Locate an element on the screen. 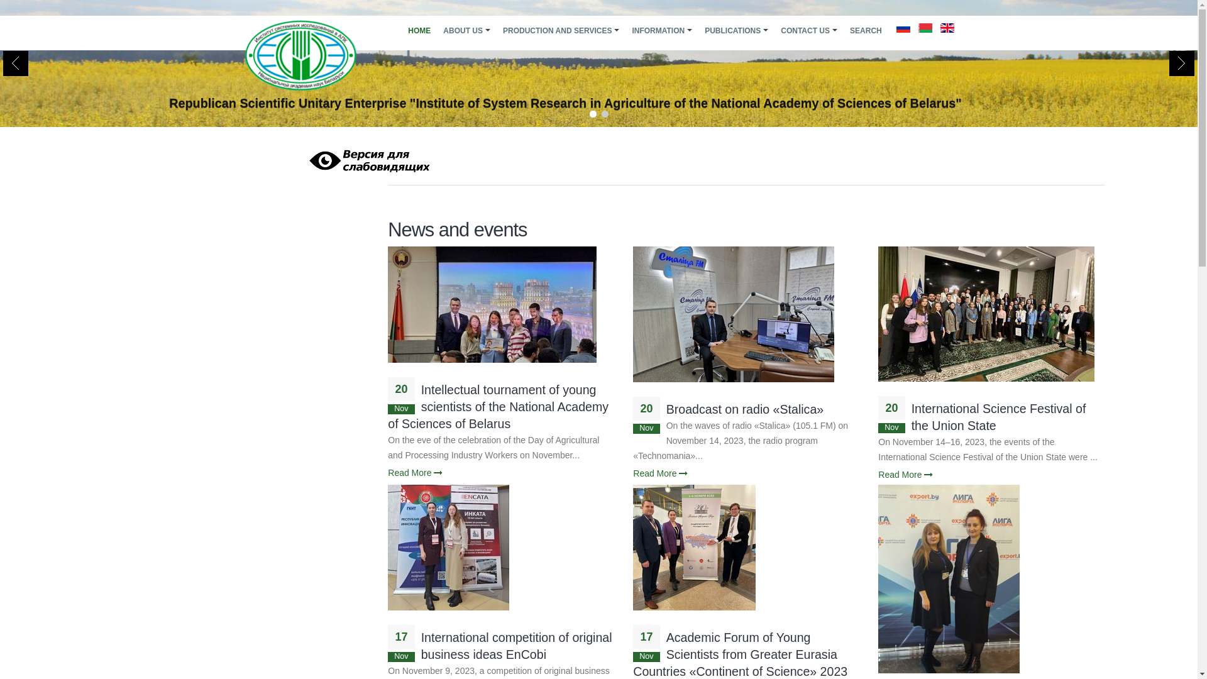 The image size is (1207, 679). 'PRODUCTION AND SERVICES' is located at coordinates (560, 30).